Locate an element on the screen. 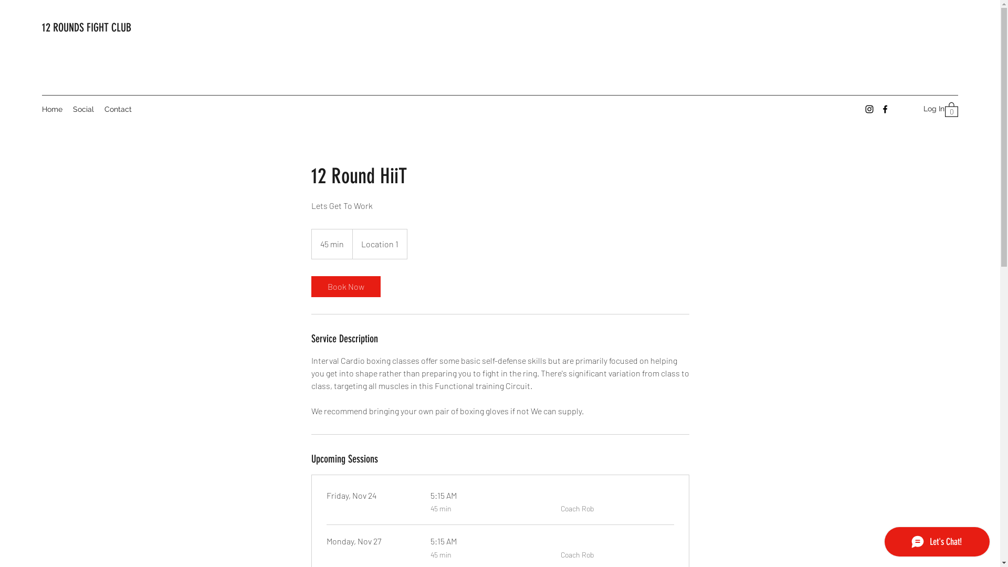 This screenshot has width=1008, height=567. 'Contact' is located at coordinates (118, 109).